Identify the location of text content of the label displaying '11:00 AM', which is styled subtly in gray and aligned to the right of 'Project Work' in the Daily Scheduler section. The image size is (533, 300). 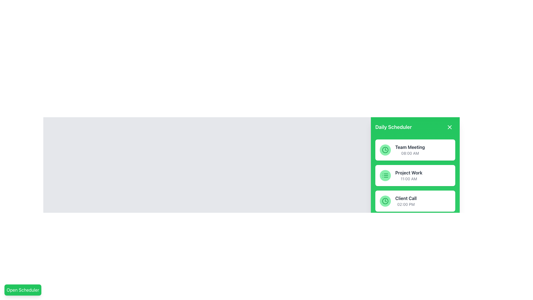
(409, 179).